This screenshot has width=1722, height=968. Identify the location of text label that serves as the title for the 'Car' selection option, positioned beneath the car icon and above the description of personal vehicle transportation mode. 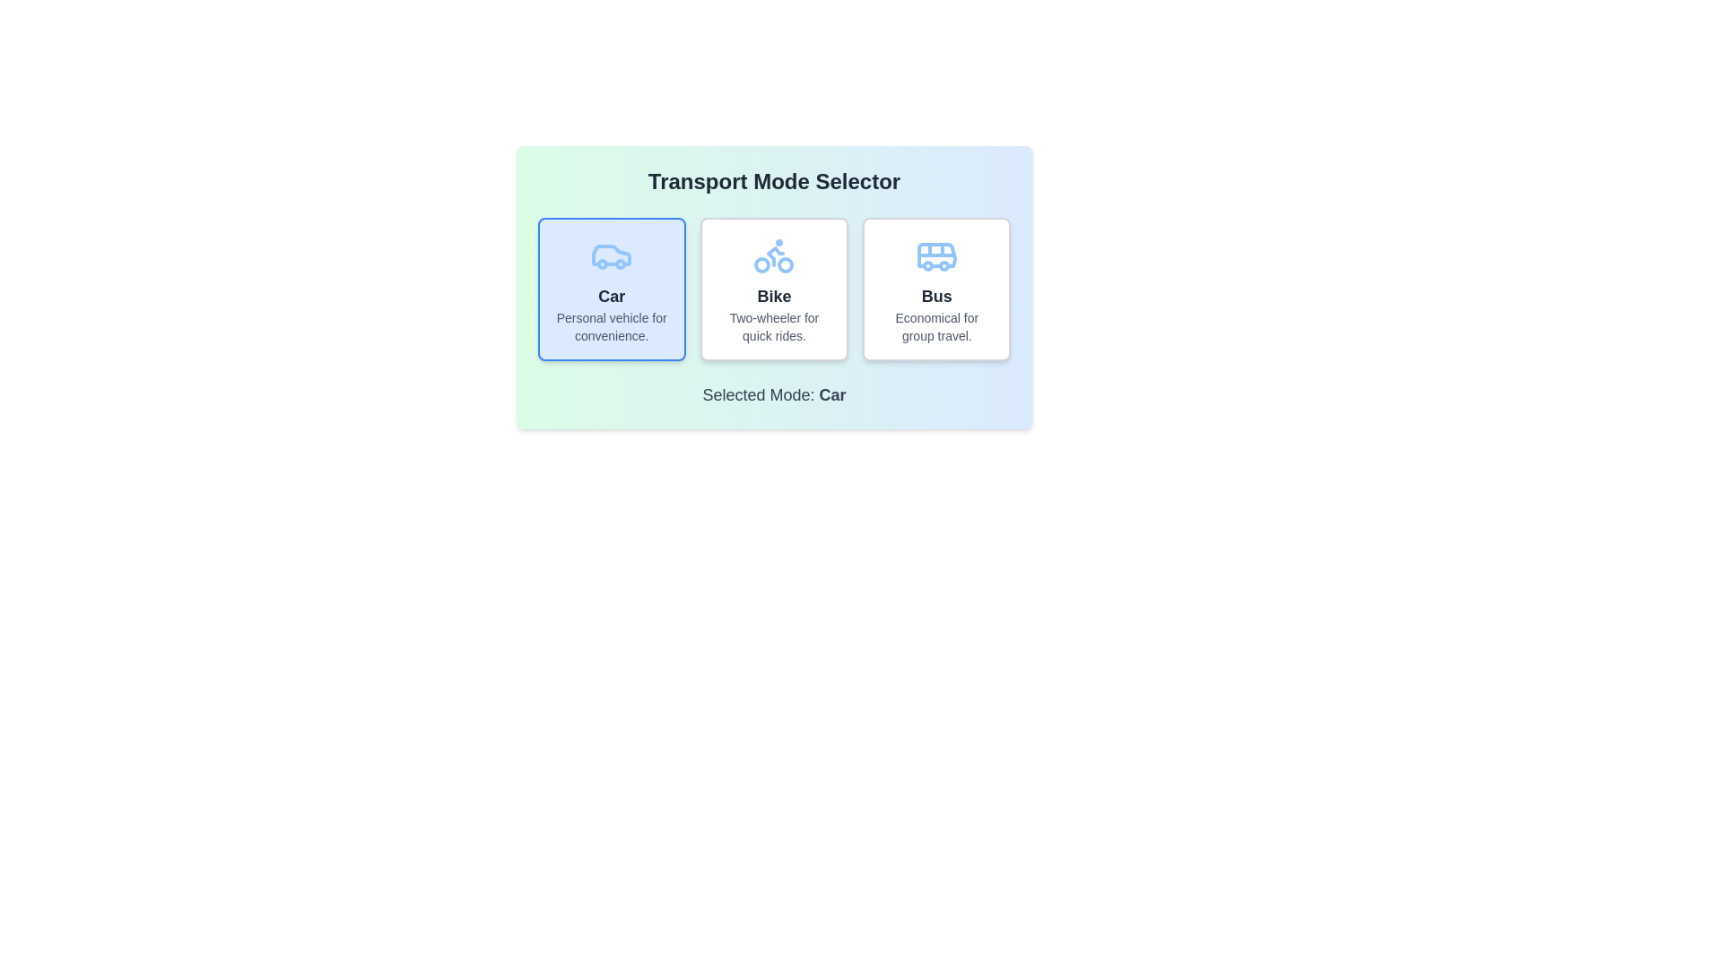
(612, 296).